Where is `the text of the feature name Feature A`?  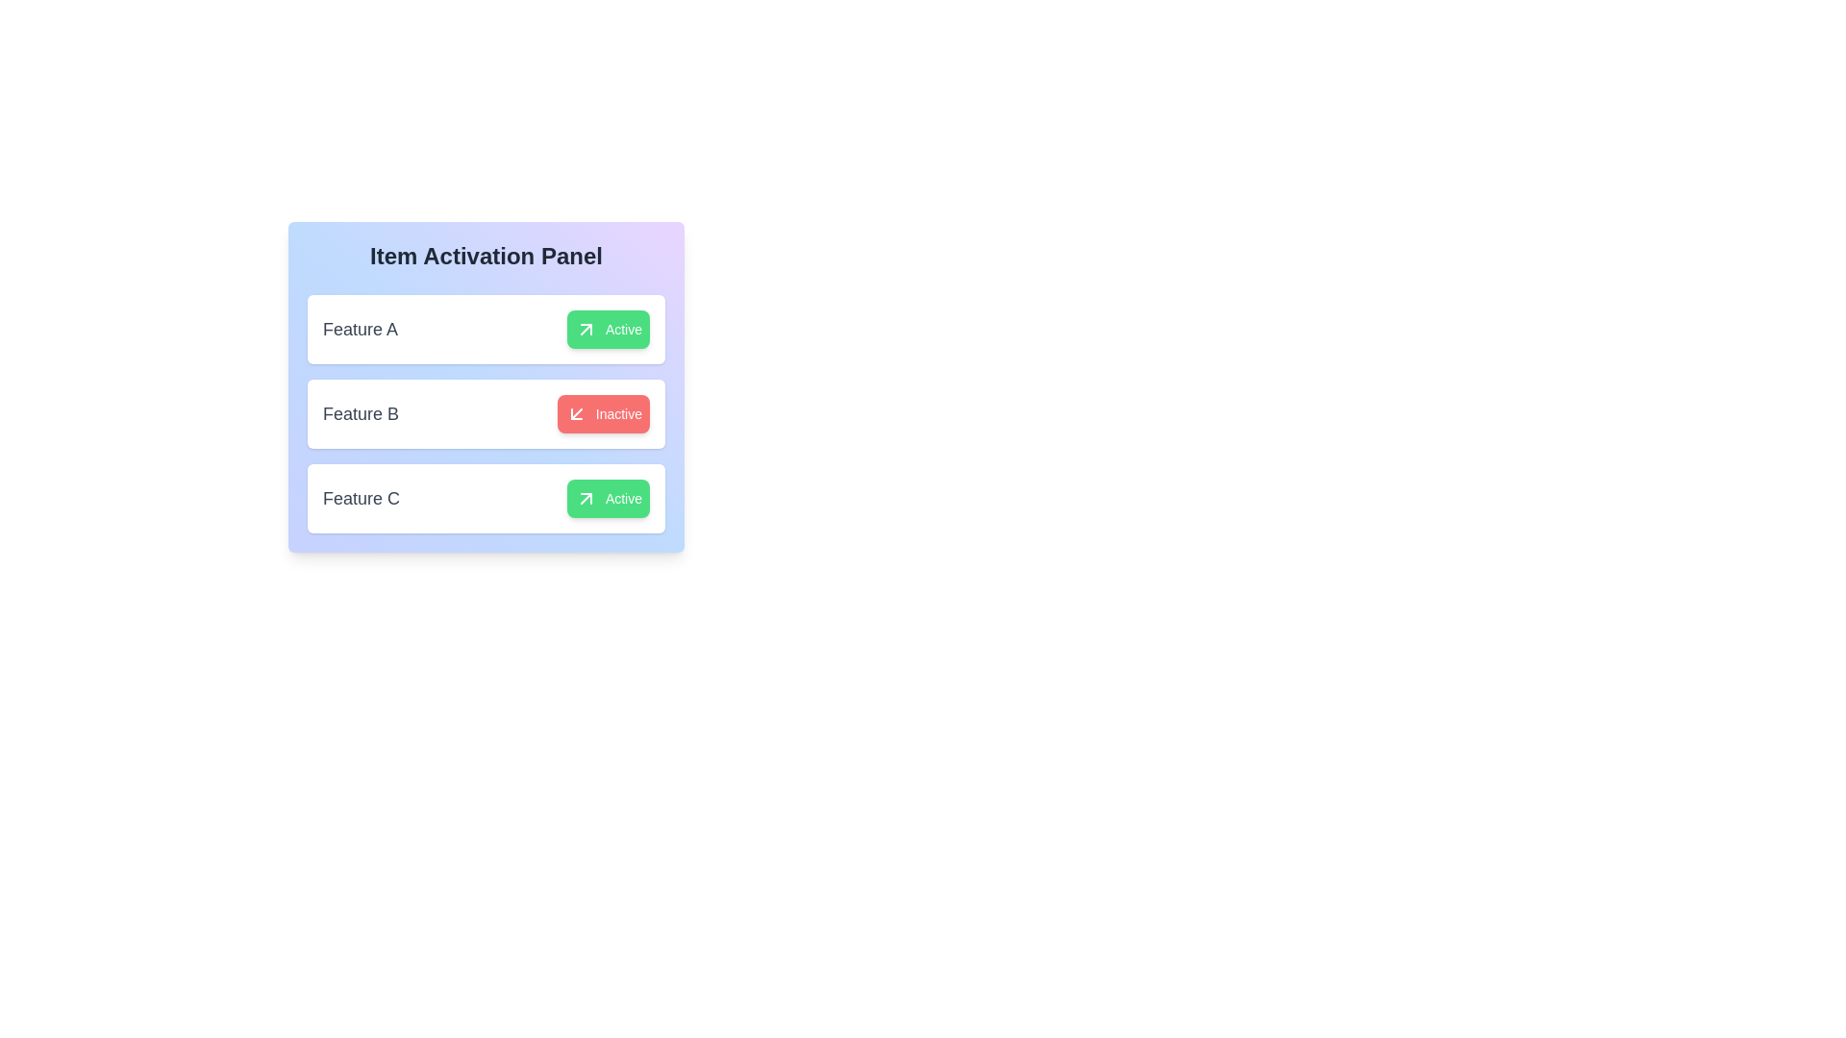
the text of the feature name Feature A is located at coordinates (360, 329).